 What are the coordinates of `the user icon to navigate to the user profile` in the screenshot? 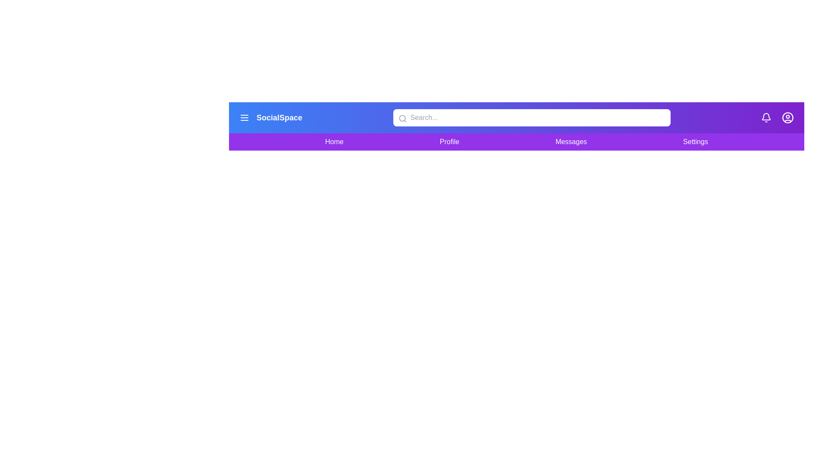 It's located at (788, 118).